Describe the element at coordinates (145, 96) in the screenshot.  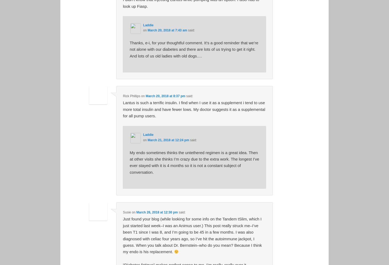
I see `'March 20, 2018 at 8:37 pm'` at that location.